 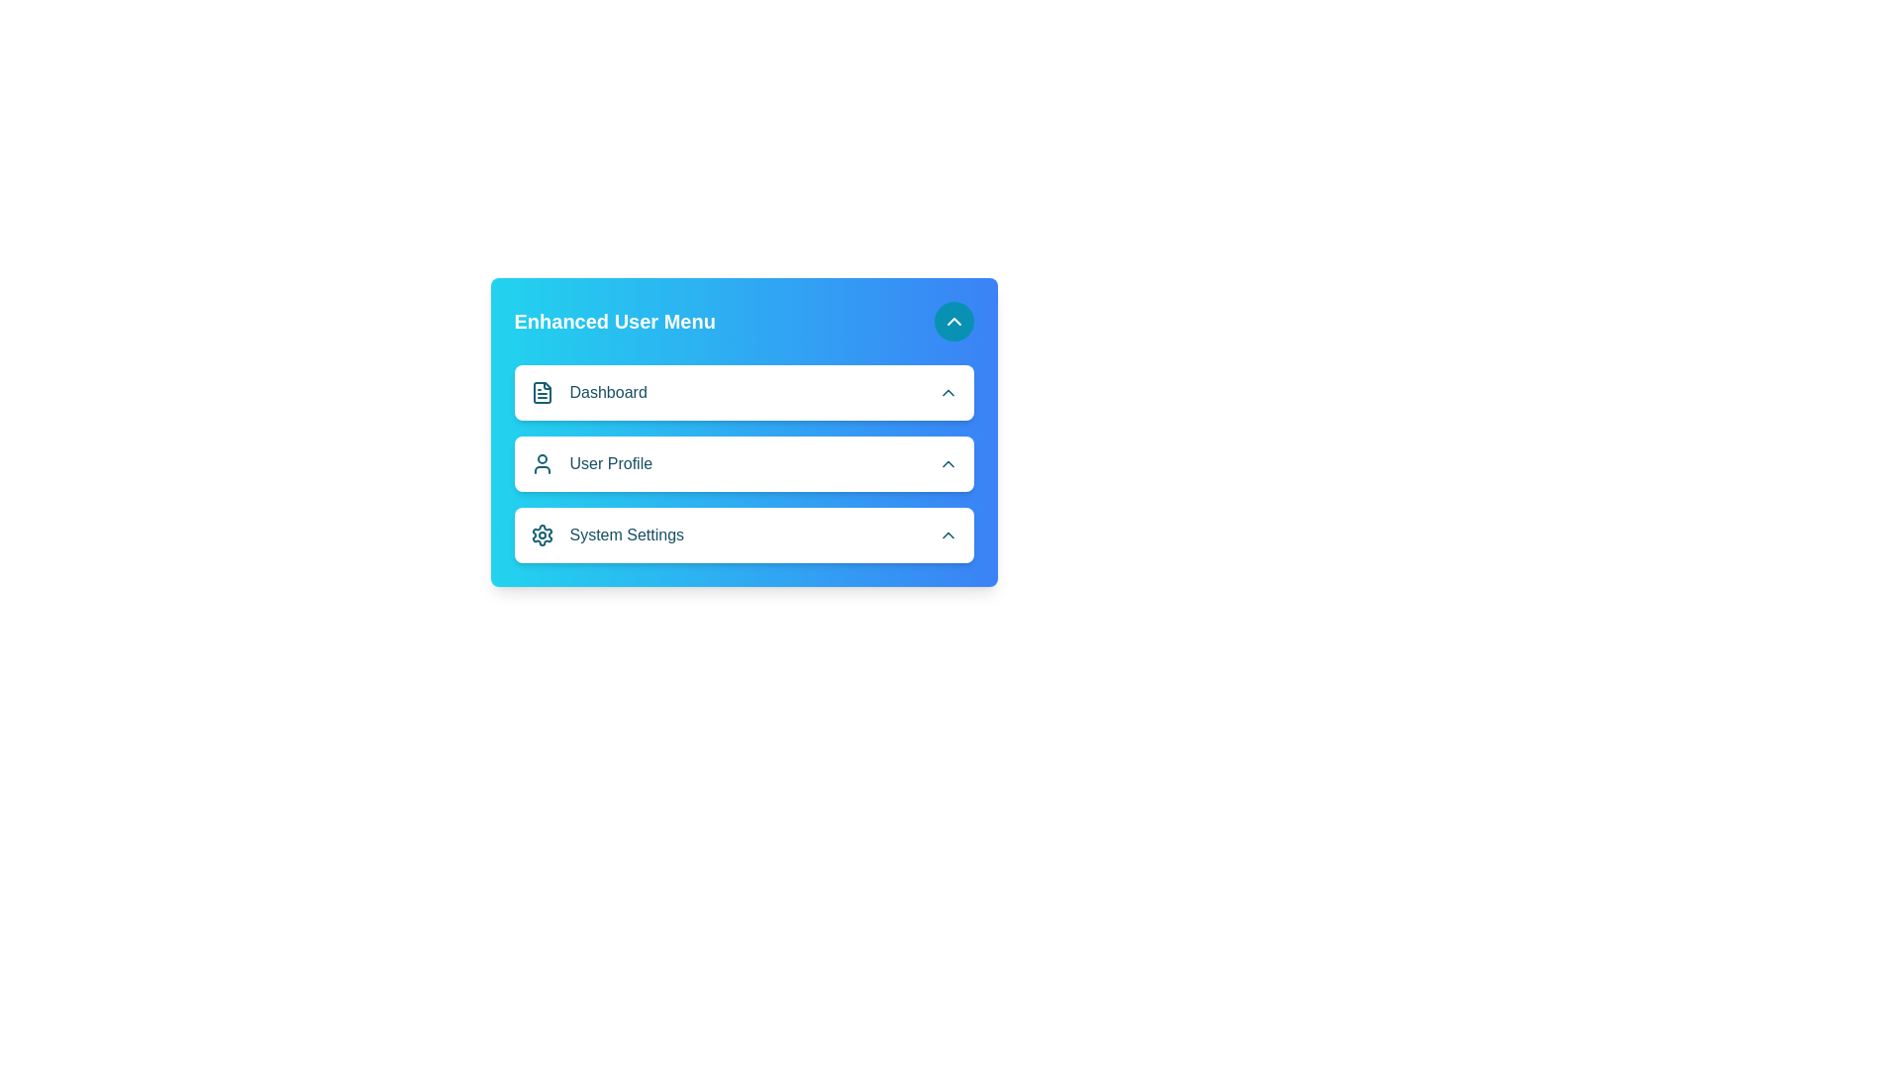 What do you see at coordinates (610, 464) in the screenshot?
I see `text label displaying 'User Profile', which is visually prominent and located within a vertical menu list, positioned between 'Dashboard' and 'System Settings'` at bounding box center [610, 464].